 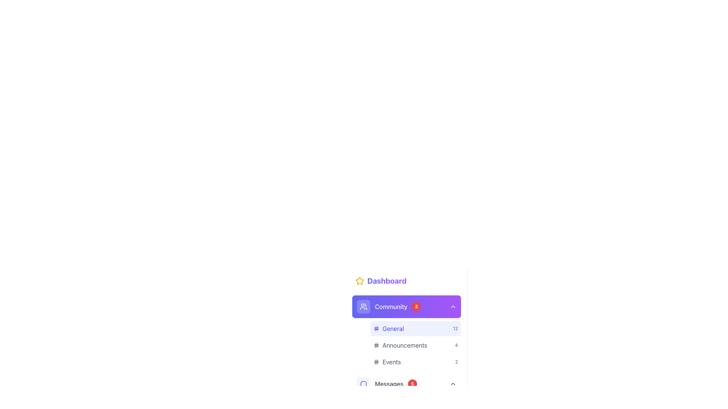 I want to click on the 'Announcements' navigation link in the Community section, so click(x=400, y=345).